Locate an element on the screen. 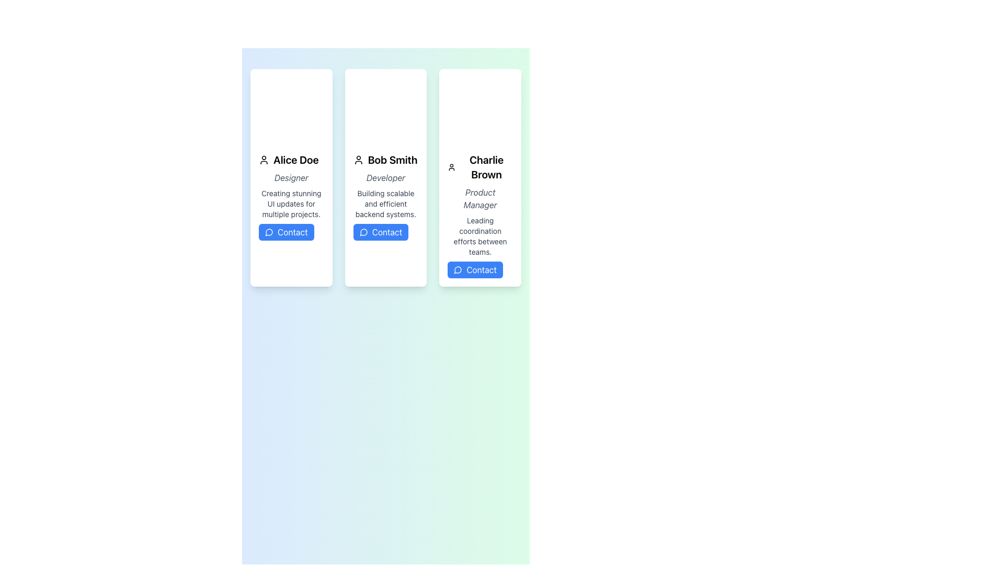  the third text label that provides additional details about the individual or topic, which is positioned after 'Alice Doe' and 'Designer' in the leftmost card of three horizontal cards is located at coordinates (291, 204).